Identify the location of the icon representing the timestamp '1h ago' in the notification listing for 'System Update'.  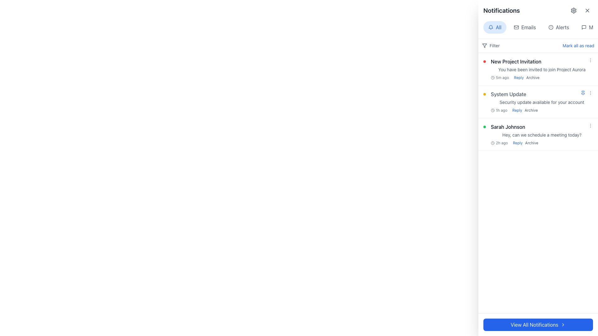
(492, 110).